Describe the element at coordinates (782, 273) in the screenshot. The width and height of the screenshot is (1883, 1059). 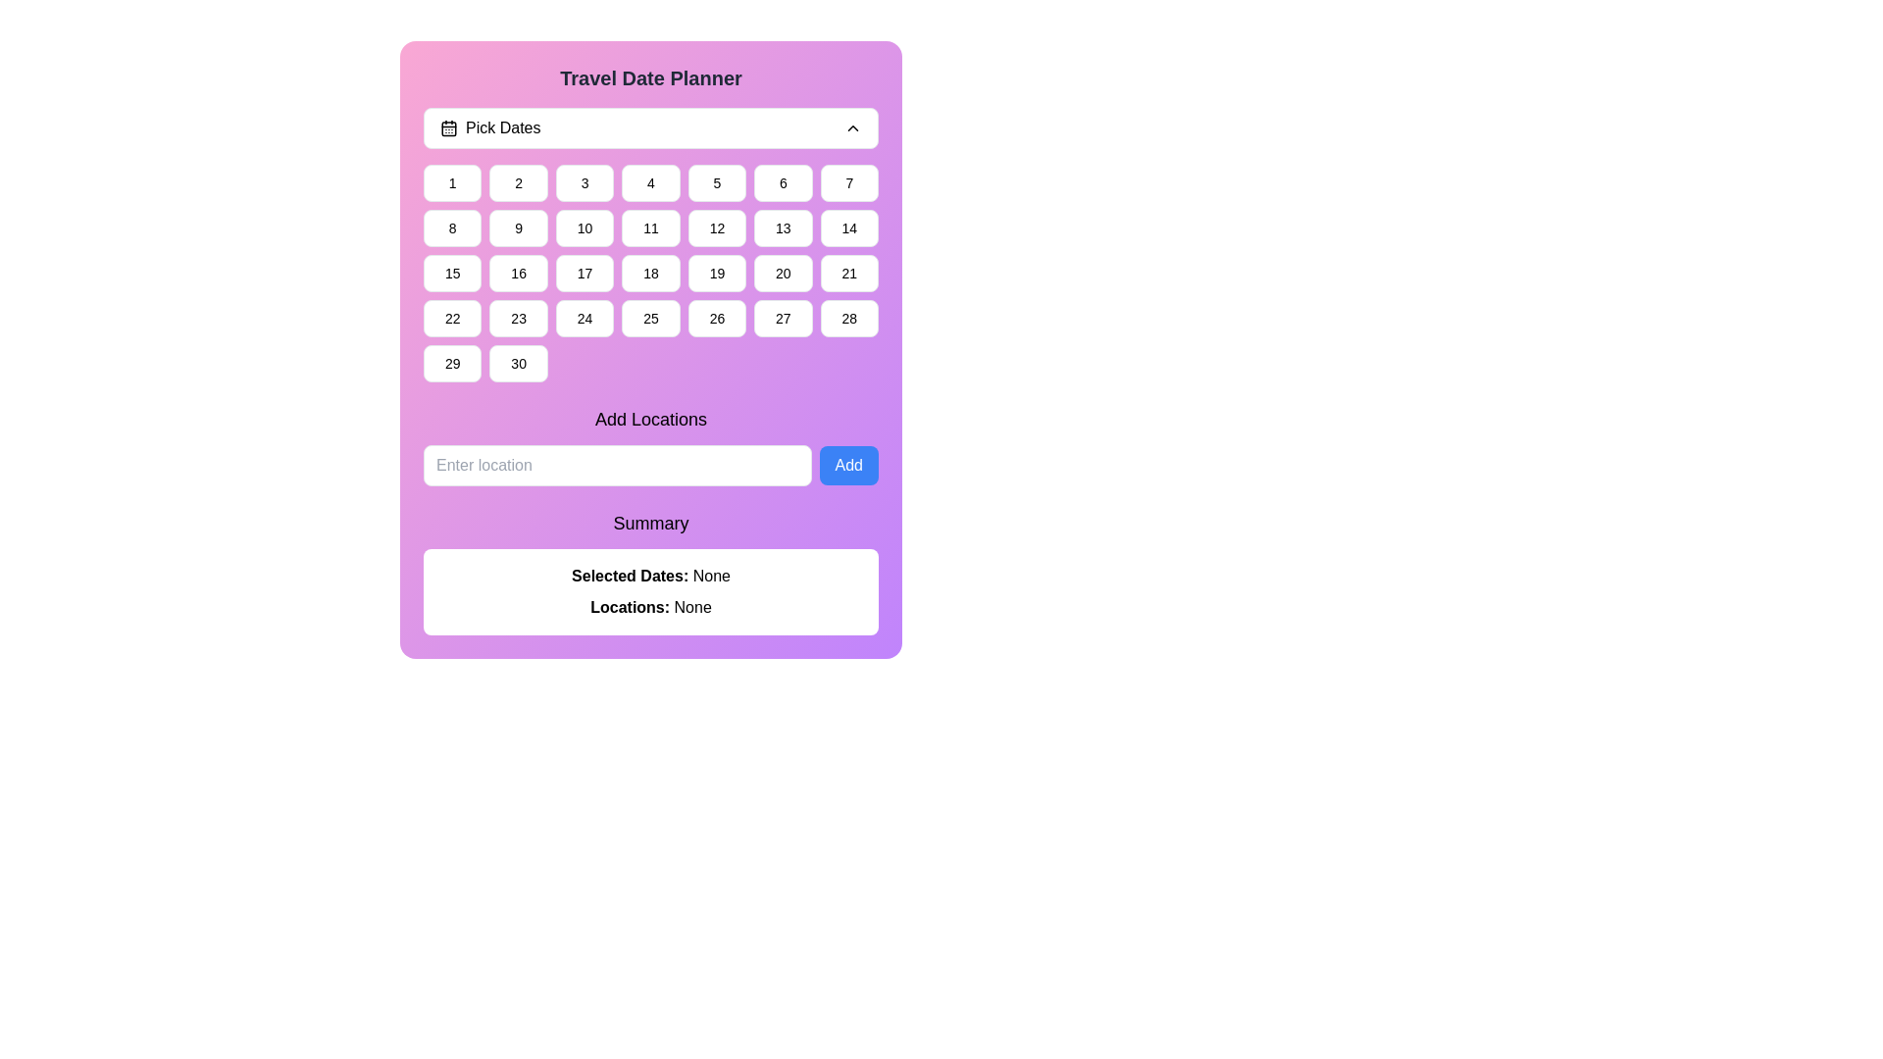
I see `the button representing a selectable date in the third row, third column of the calendar interface` at that location.